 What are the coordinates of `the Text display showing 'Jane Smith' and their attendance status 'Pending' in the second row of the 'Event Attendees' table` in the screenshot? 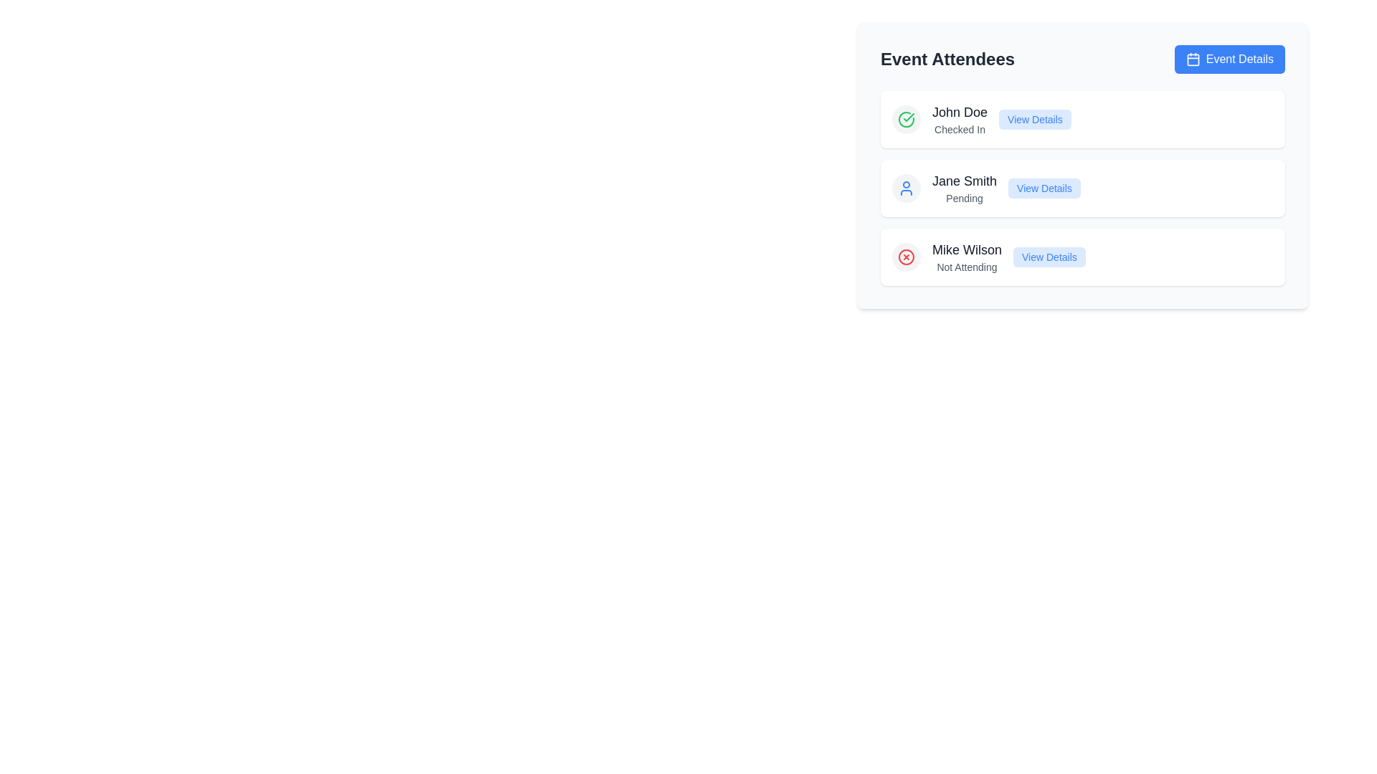 It's located at (964, 187).